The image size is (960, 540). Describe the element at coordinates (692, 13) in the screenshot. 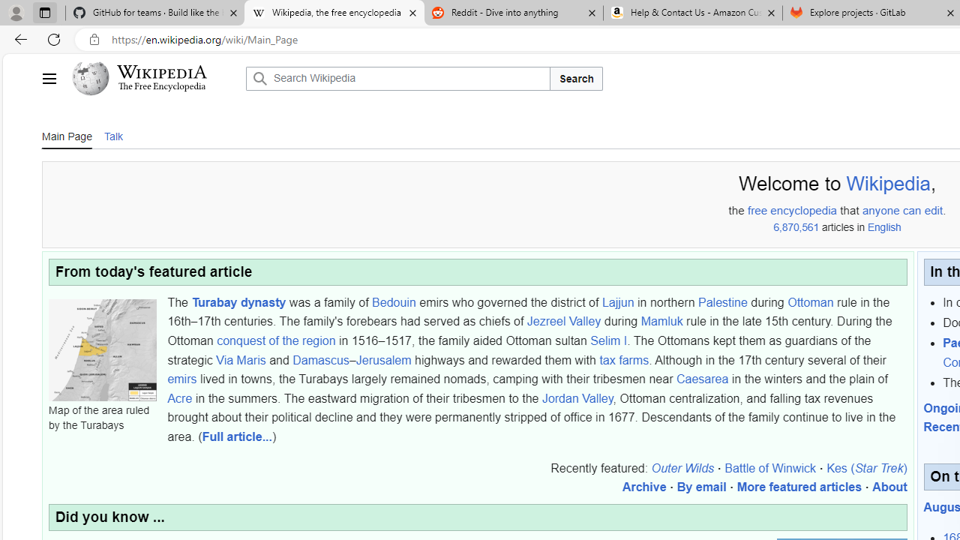

I see `'Help & Contact Us - Amazon Customer Service'` at that location.